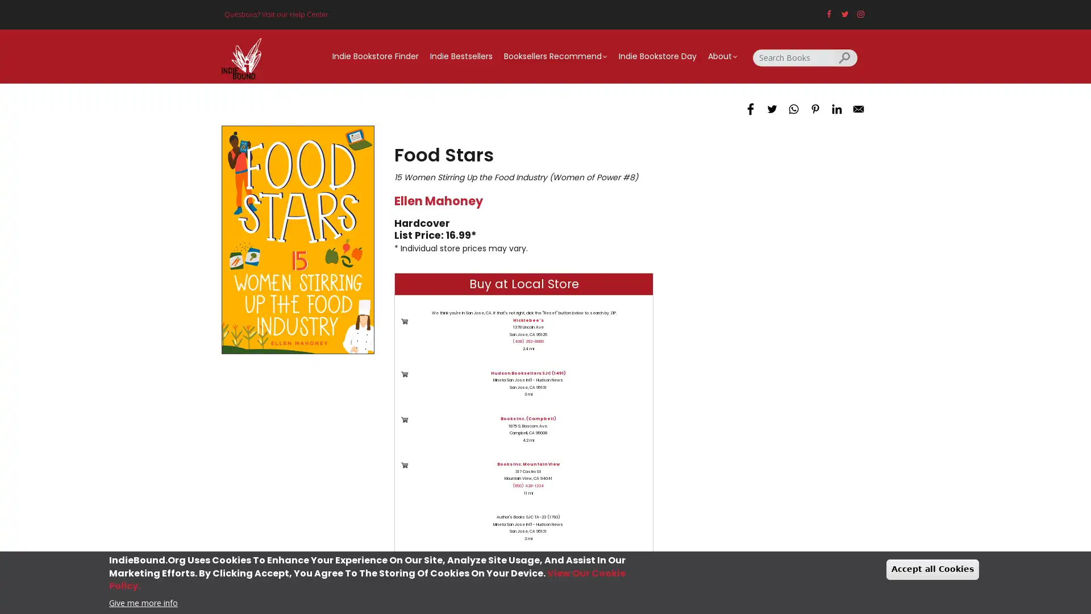  What do you see at coordinates (547, 574) in the screenshot?
I see `Show 5 More` at bounding box center [547, 574].